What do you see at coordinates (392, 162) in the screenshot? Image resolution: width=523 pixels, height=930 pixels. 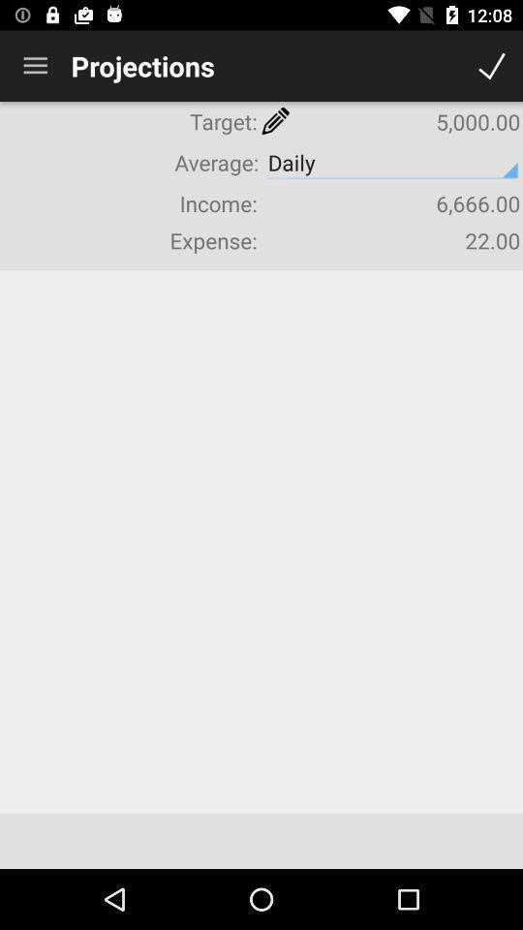 I see `daily` at bounding box center [392, 162].